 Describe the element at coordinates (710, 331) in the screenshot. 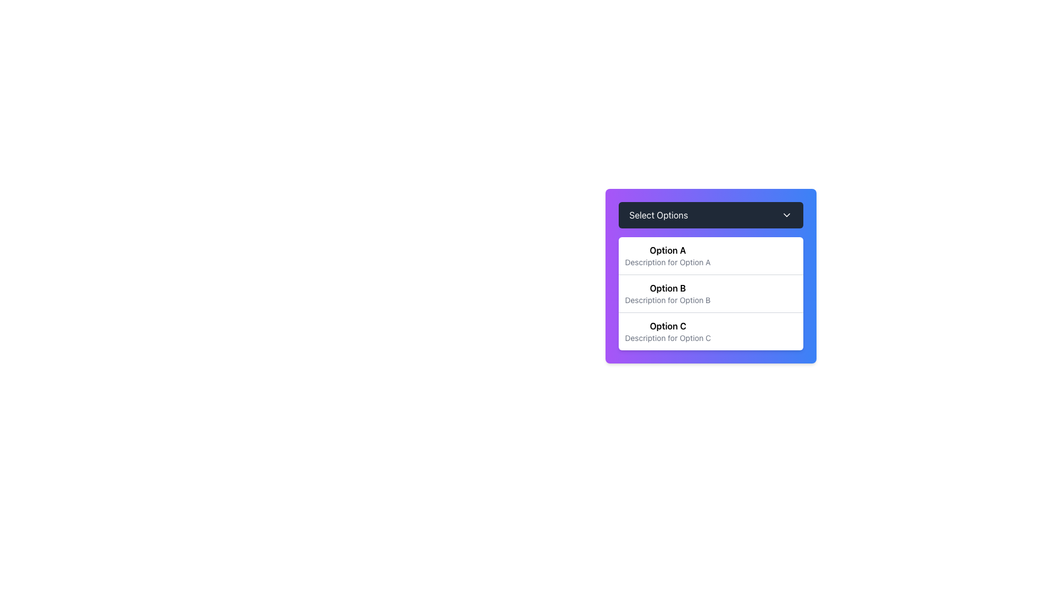

I see `the 'Option C' element in the dropdown menu` at that location.